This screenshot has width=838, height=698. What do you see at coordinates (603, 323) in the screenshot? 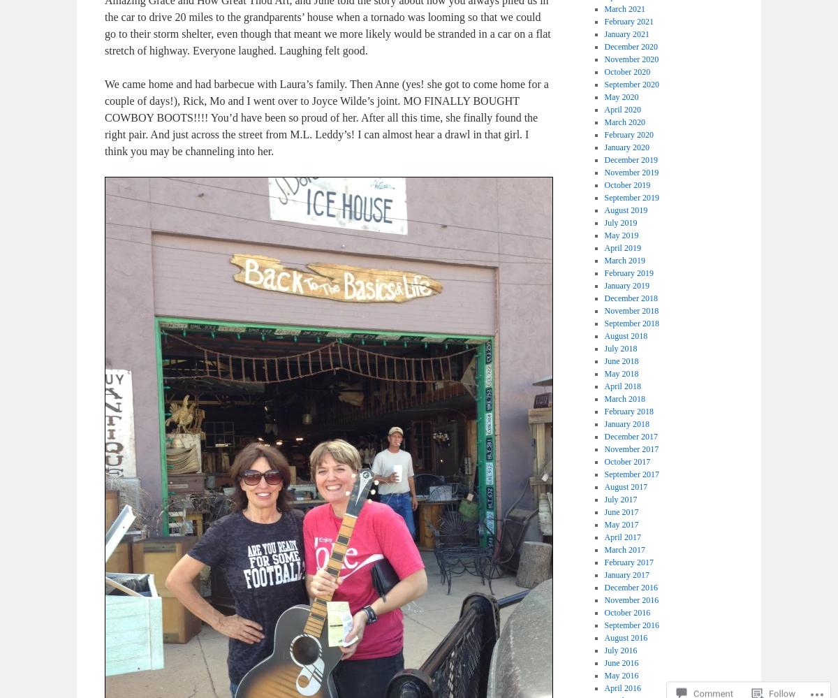
I see `'September 2018'` at bounding box center [603, 323].